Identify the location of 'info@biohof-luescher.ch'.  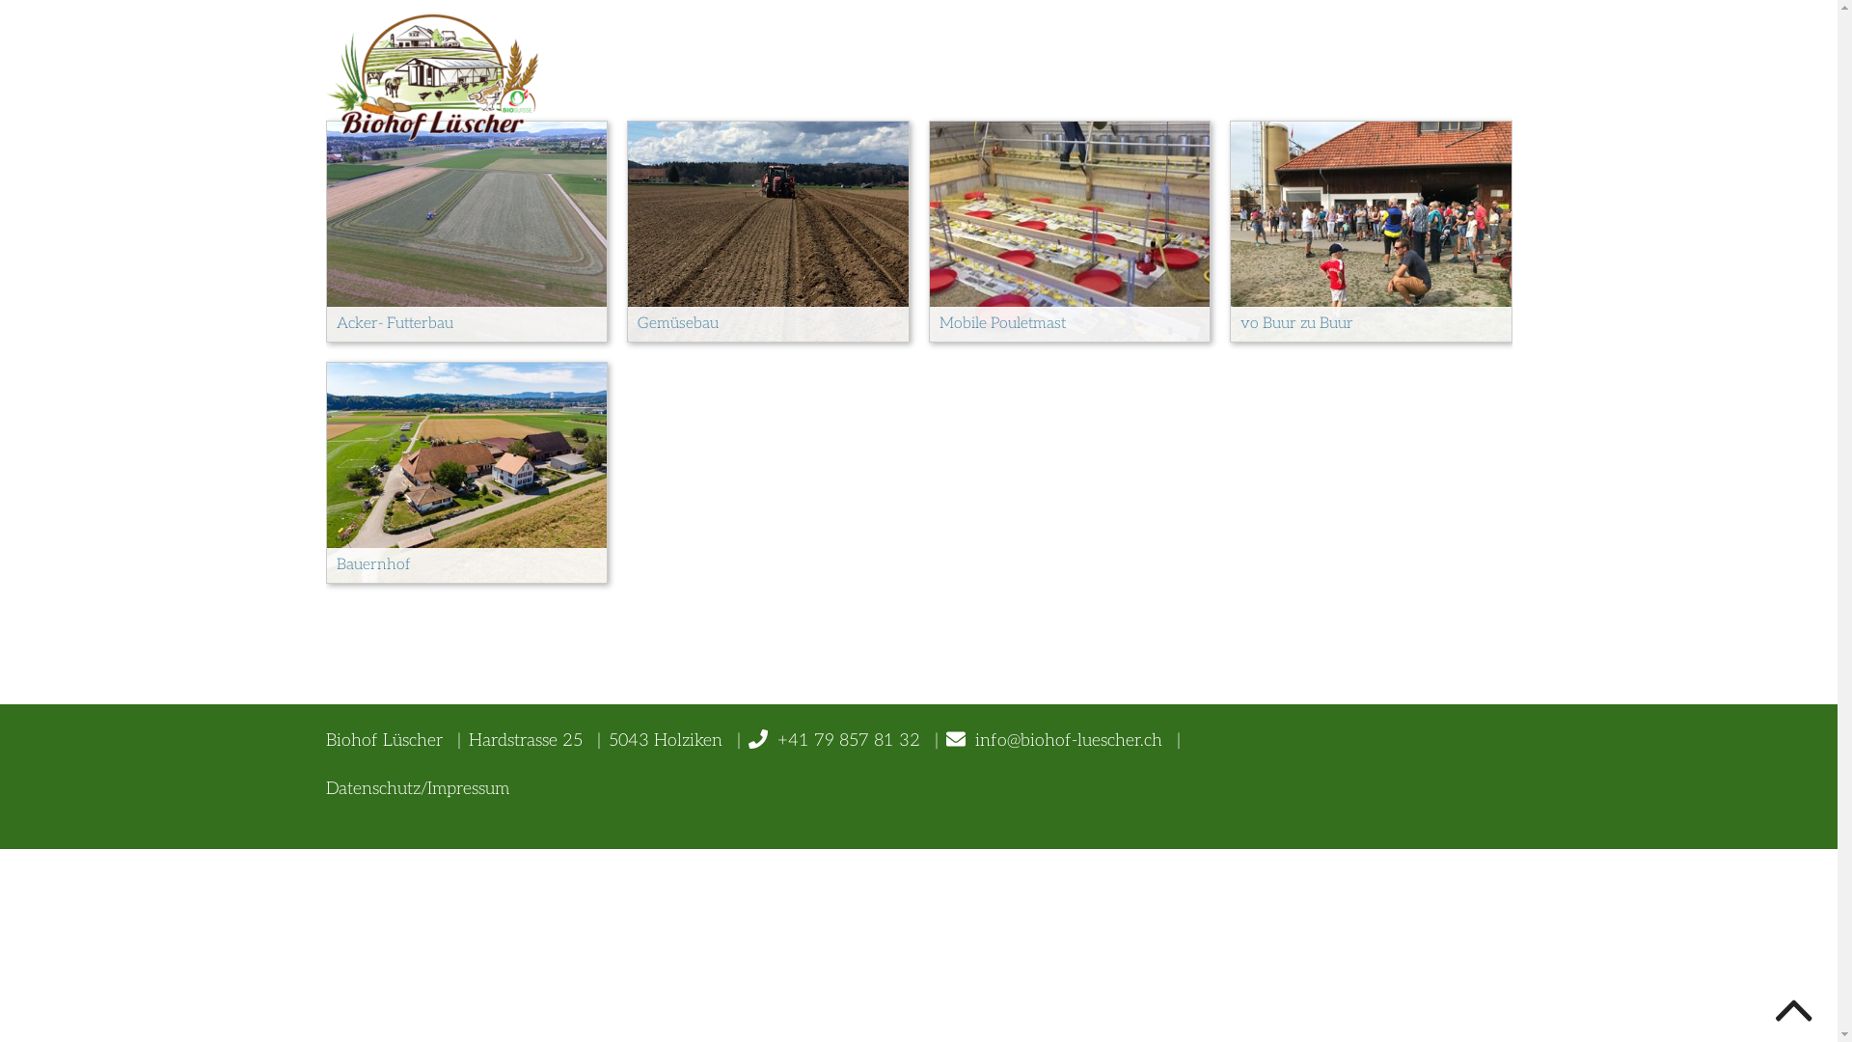
(1051, 739).